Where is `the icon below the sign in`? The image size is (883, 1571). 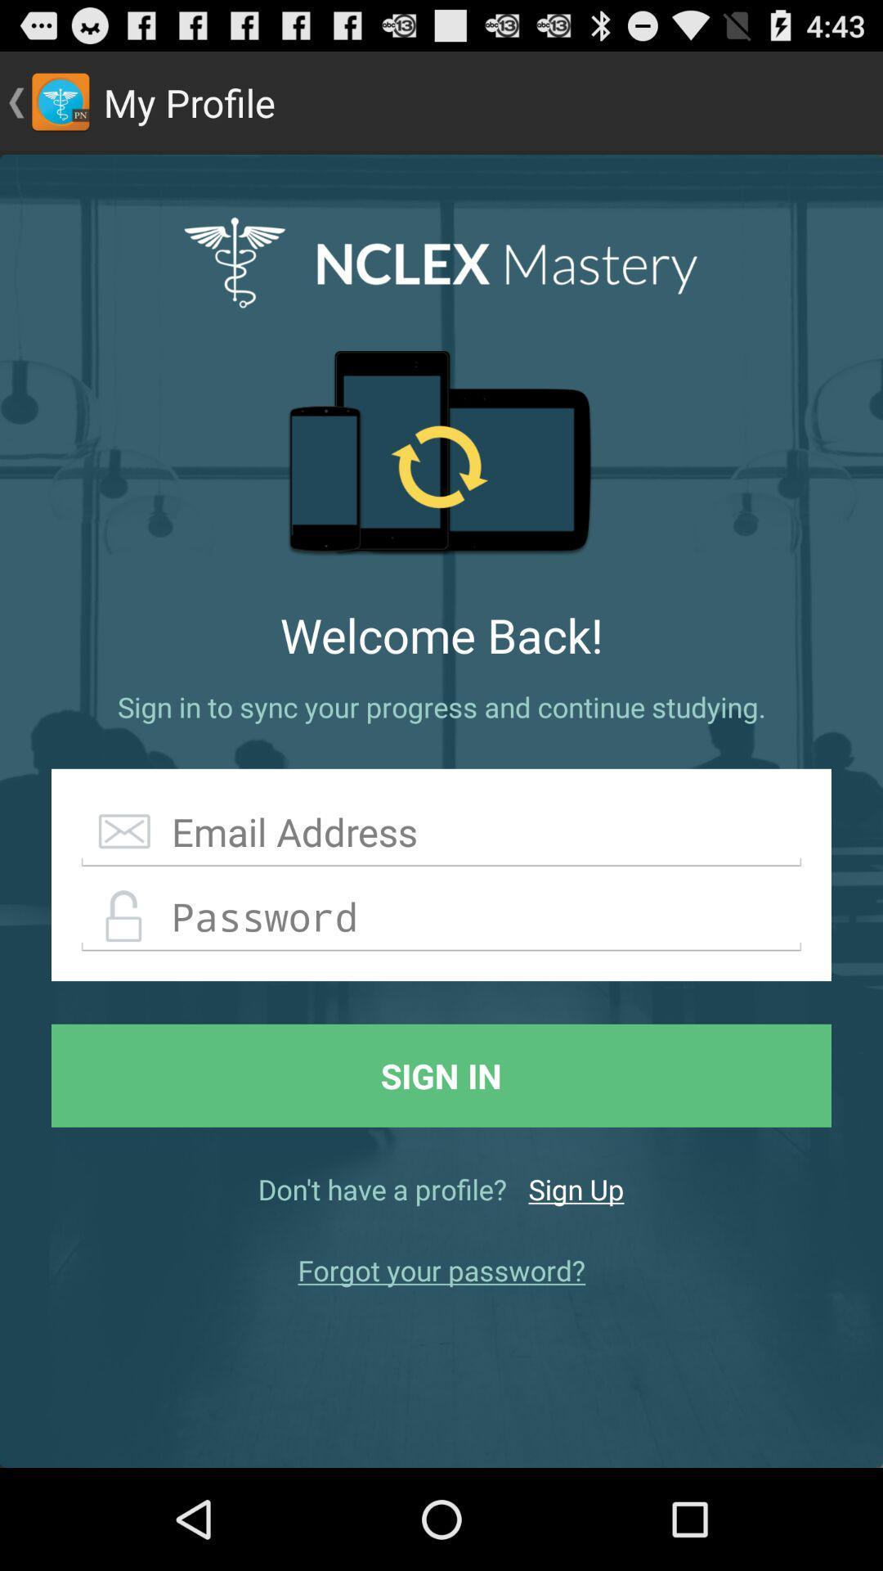
the icon below the sign in is located at coordinates (576, 1189).